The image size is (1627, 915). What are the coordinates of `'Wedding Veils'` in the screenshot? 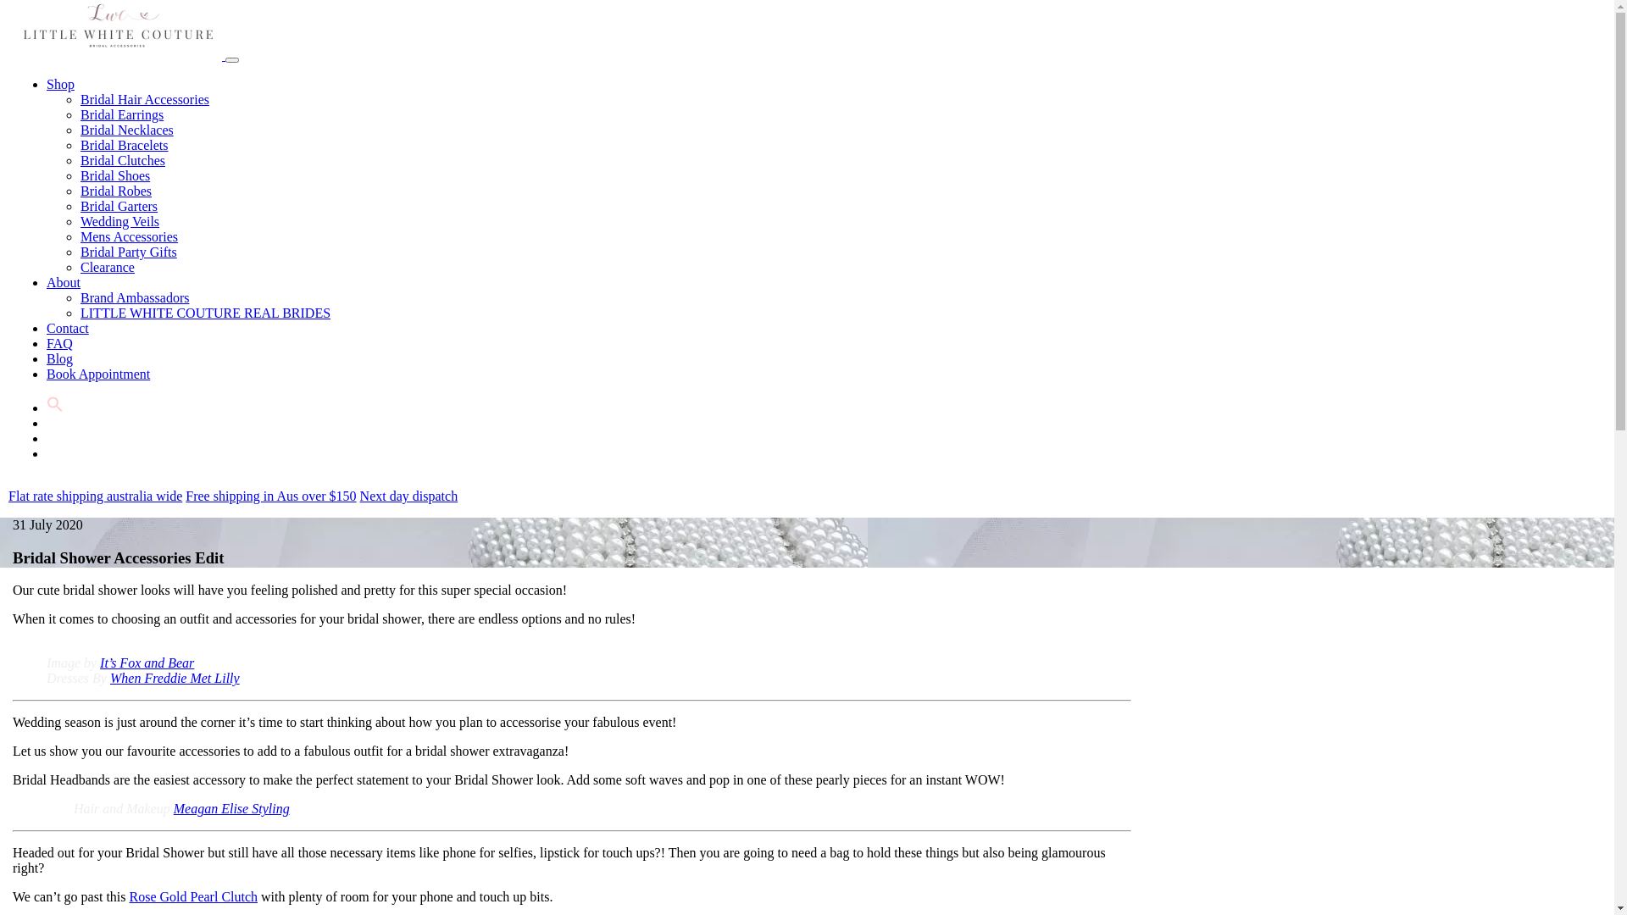 It's located at (119, 220).